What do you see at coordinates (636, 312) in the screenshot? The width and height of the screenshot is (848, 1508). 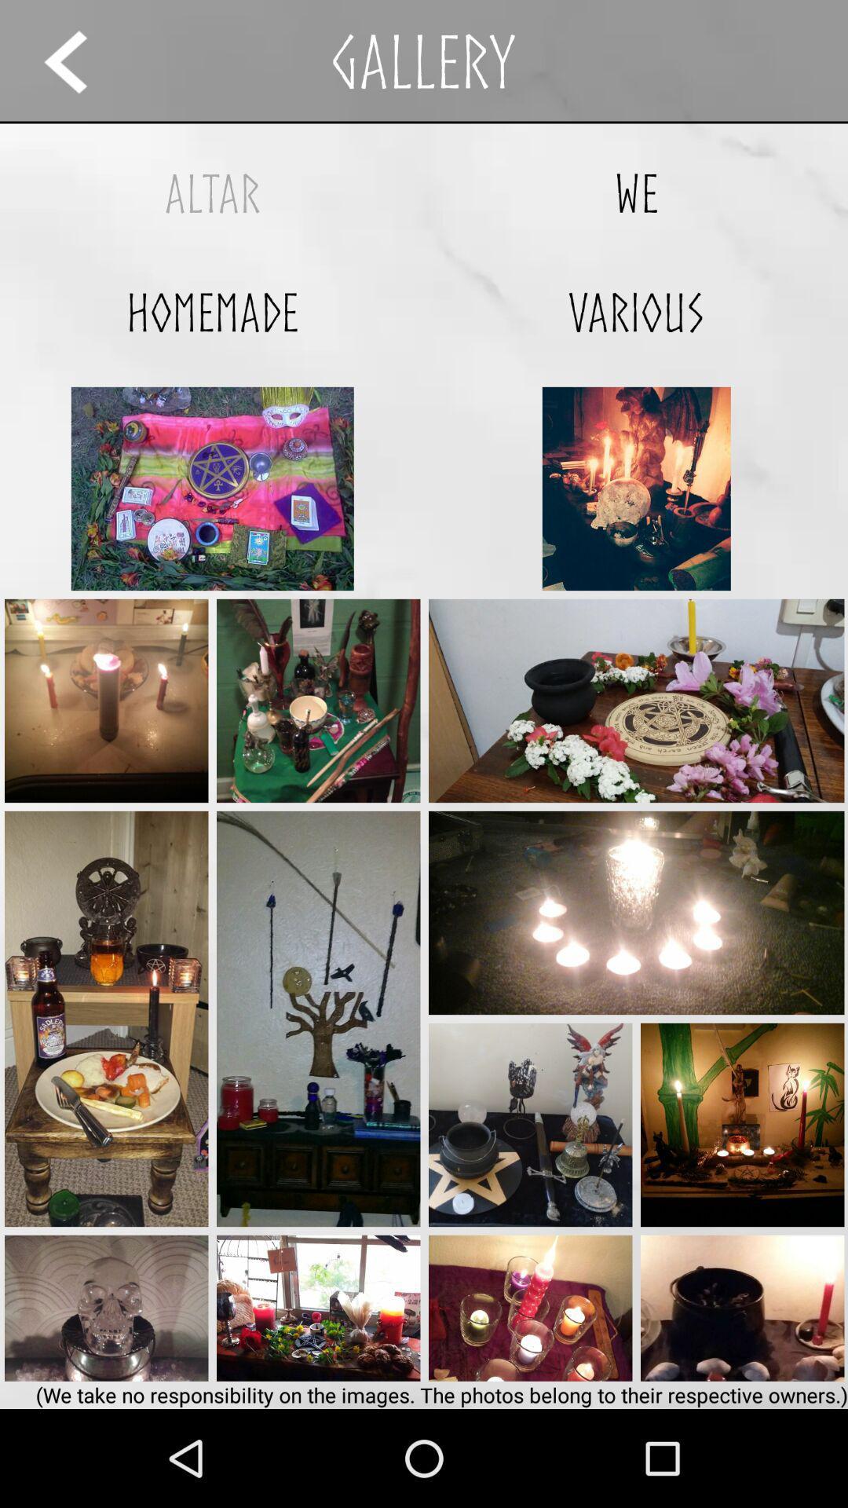 I see `icon below the we` at bounding box center [636, 312].